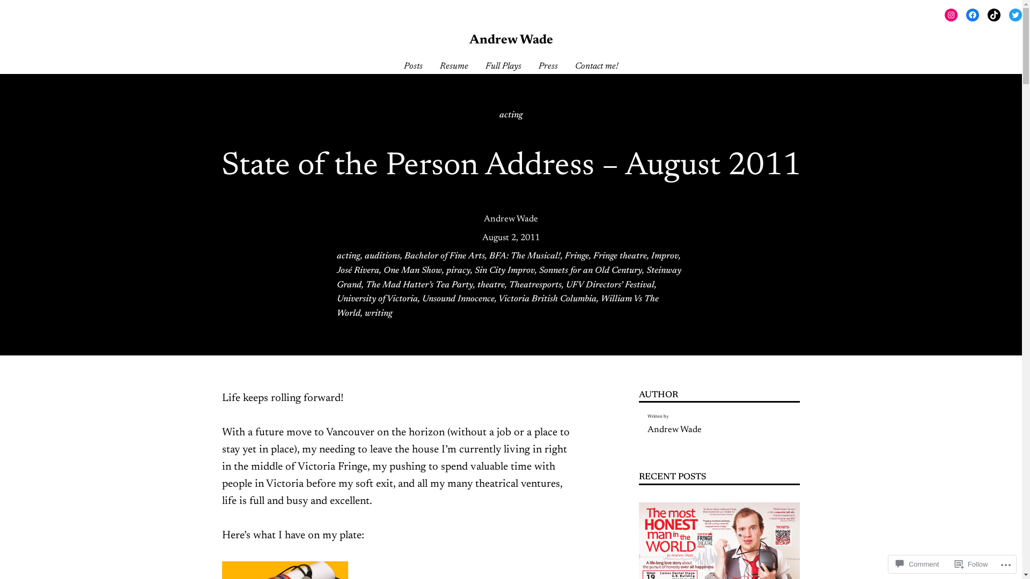 This screenshot has height=579, width=1030. What do you see at coordinates (525, 256) in the screenshot?
I see `'BFA: The Musical!'` at bounding box center [525, 256].